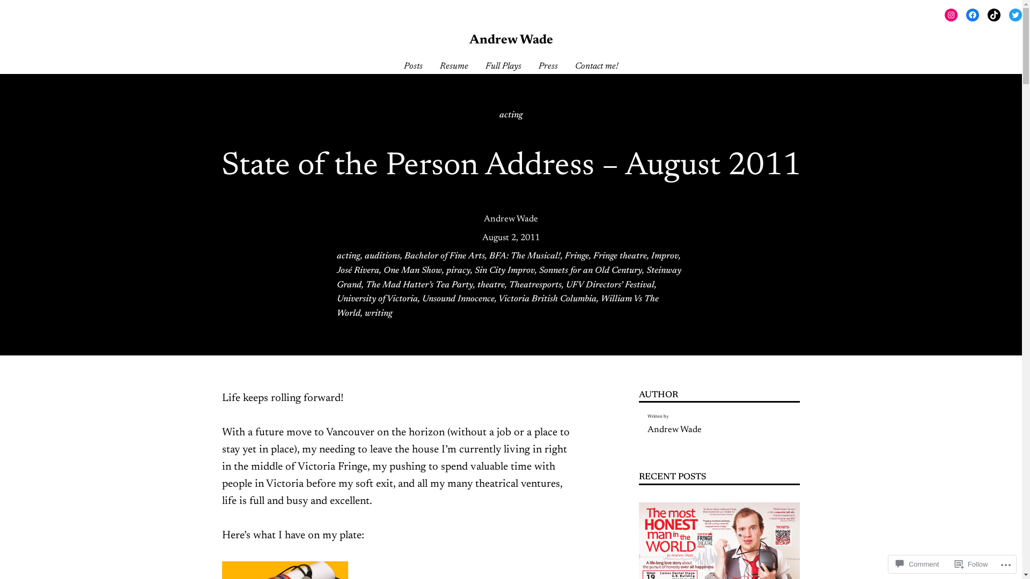 This screenshot has height=579, width=1030. What do you see at coordinates (525, 256) in the screenshot?
I see `'BFA: The Musical!'` at bounding box center [525, 256].